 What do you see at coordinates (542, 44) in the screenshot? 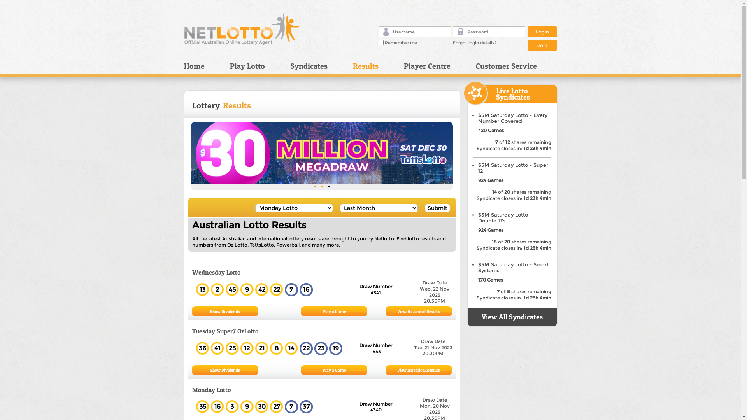
I see `'Join'` at bounding box center [542, 44].